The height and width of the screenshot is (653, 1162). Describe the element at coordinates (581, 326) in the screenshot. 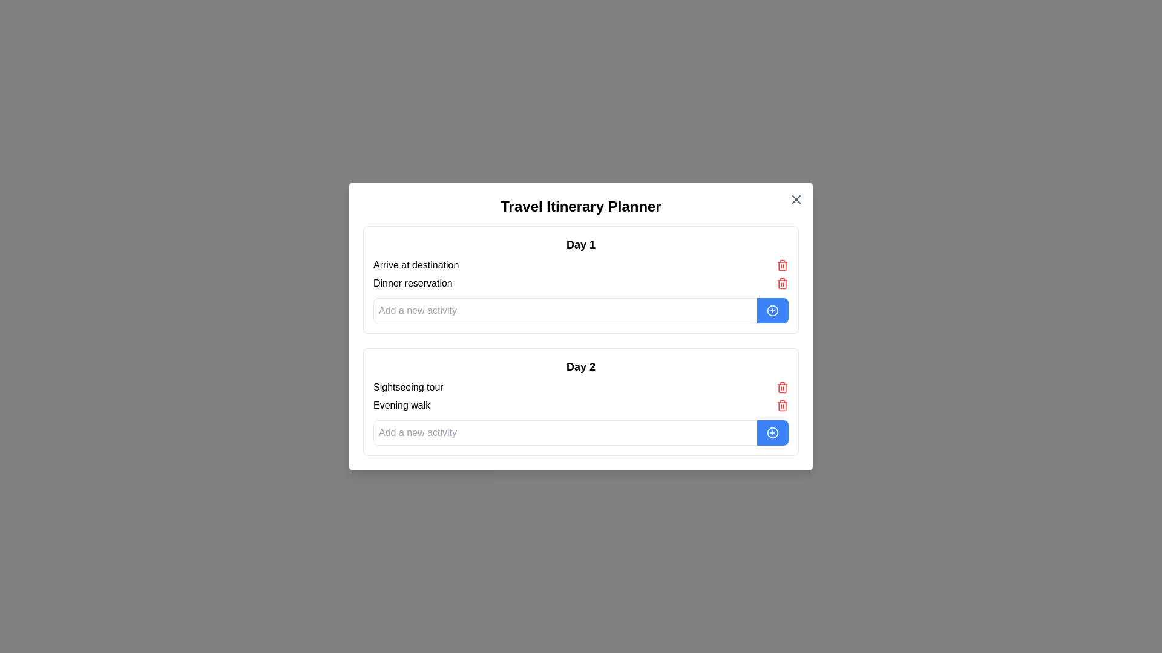

I see `the blue plus button located within the 'Travel Itinerary Planner' card` at that location.